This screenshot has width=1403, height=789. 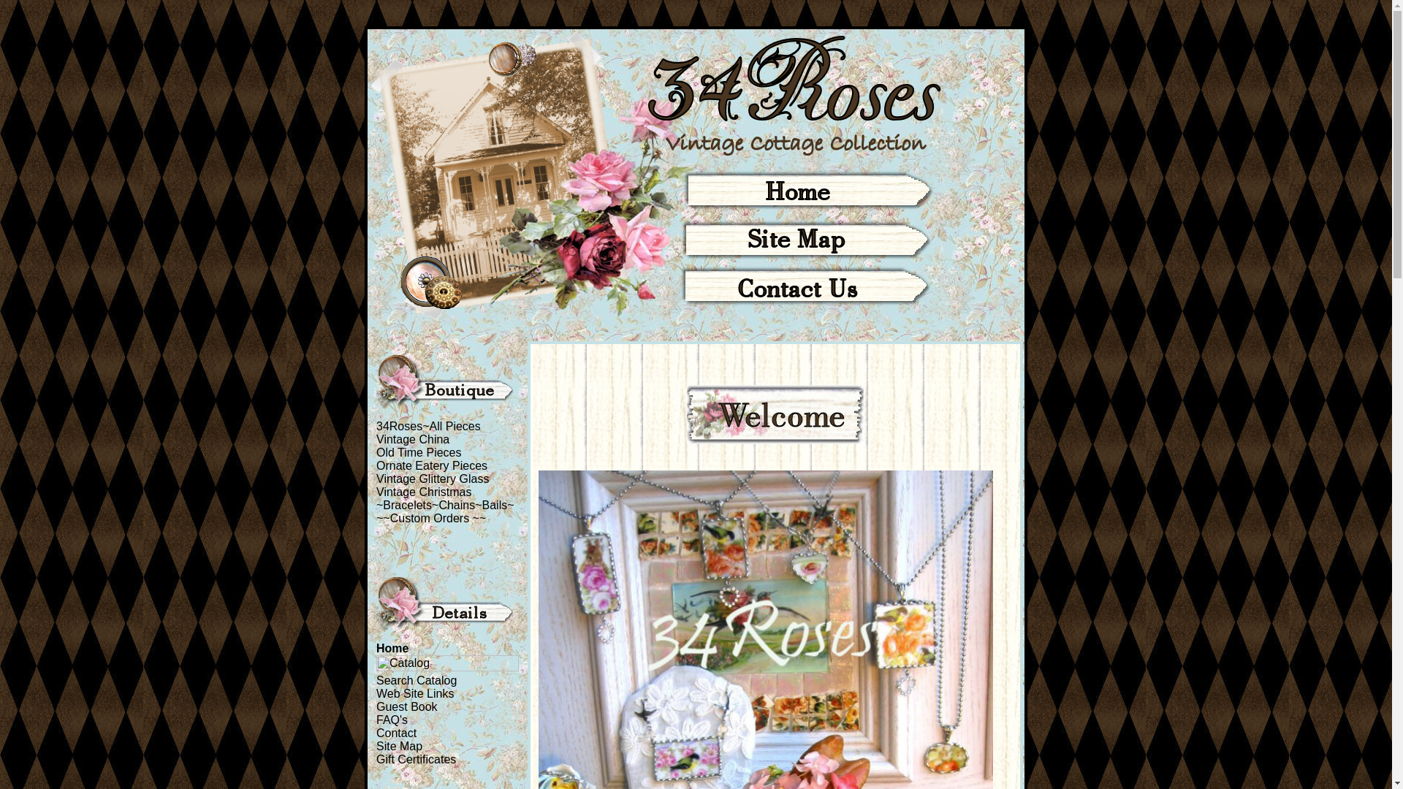 I want to click on 'Contact', so click(x=396, y=733).